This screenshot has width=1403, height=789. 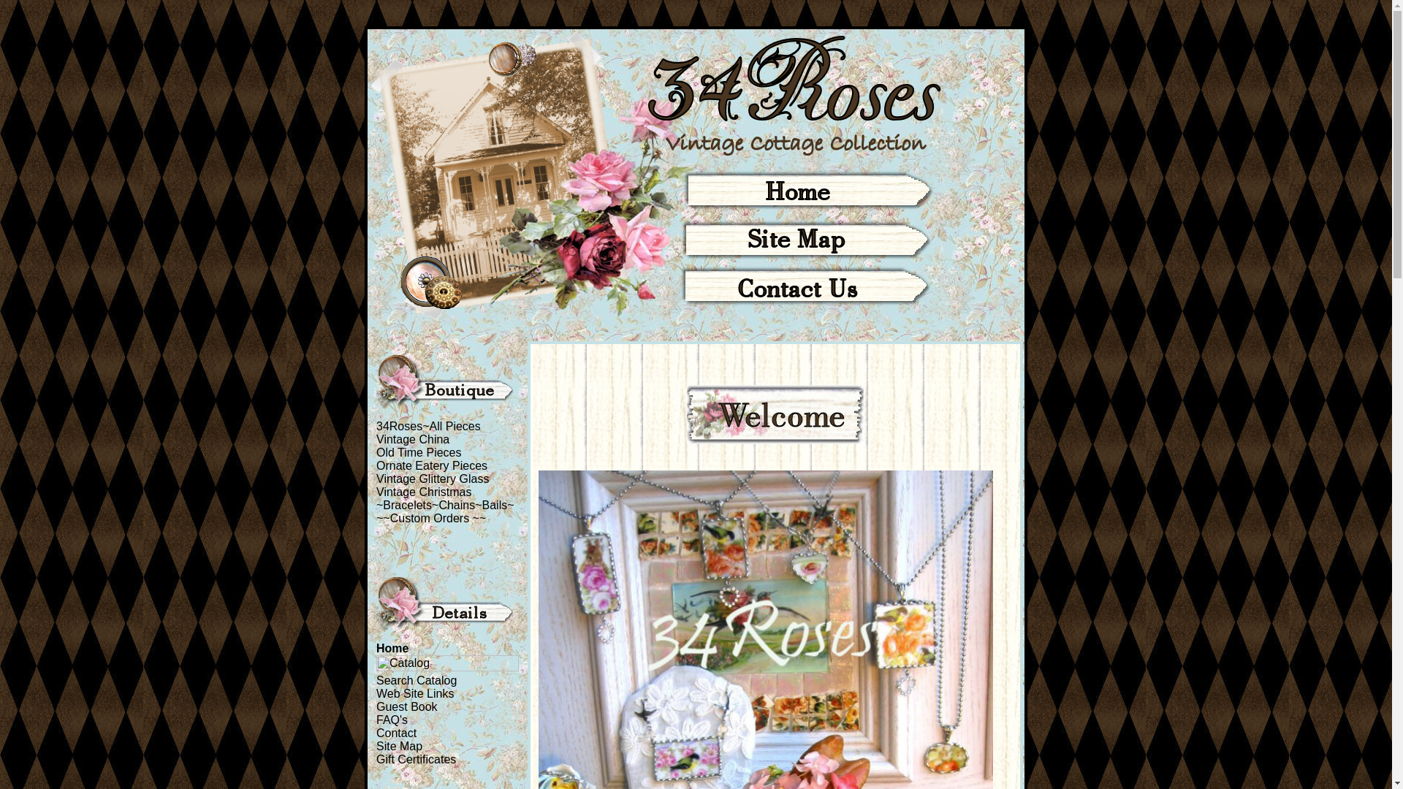 I want to click on 'Contact', so click(x=396, y=733).